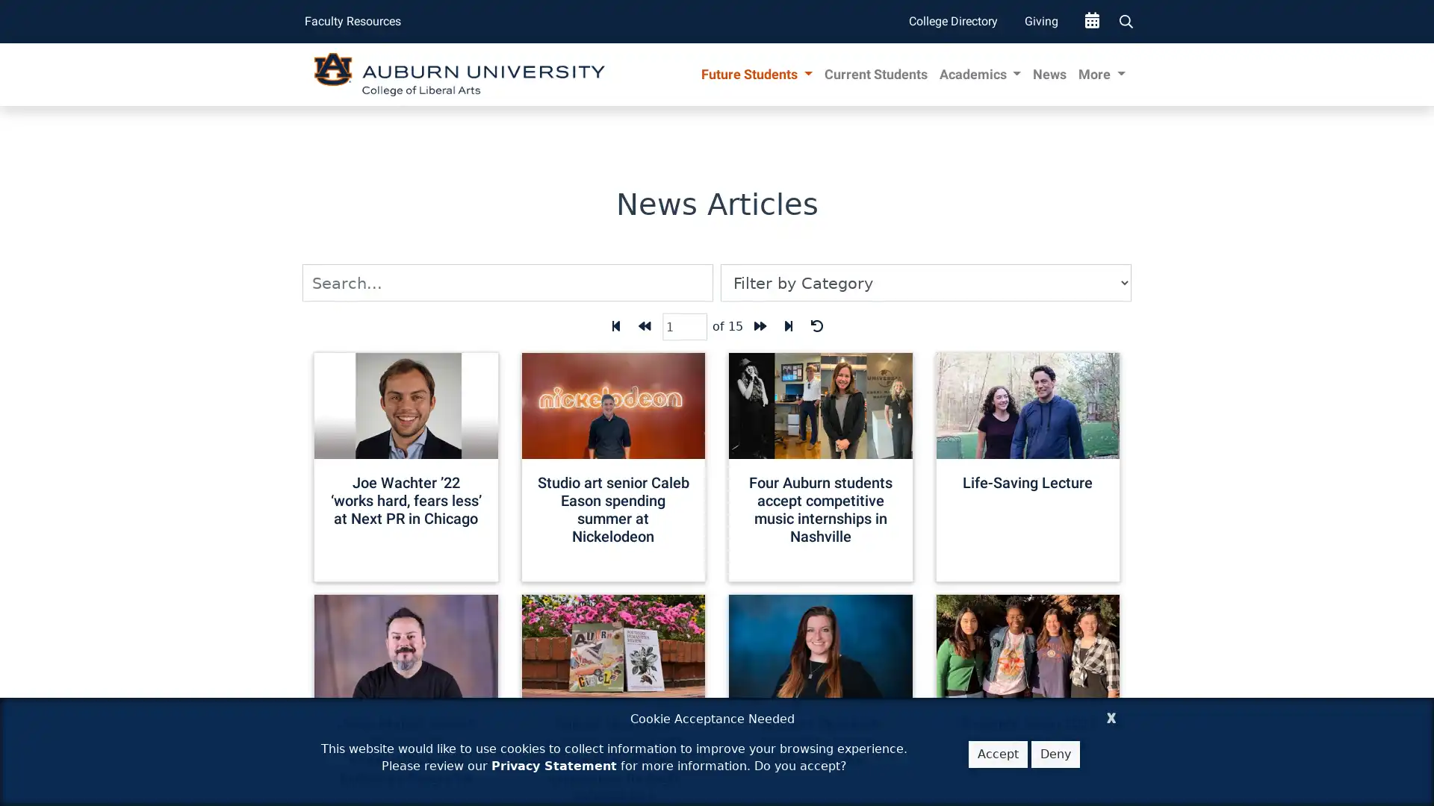  Describe the element at coordinates (616, 326) in the screenshot. I see `First Page` at that location.